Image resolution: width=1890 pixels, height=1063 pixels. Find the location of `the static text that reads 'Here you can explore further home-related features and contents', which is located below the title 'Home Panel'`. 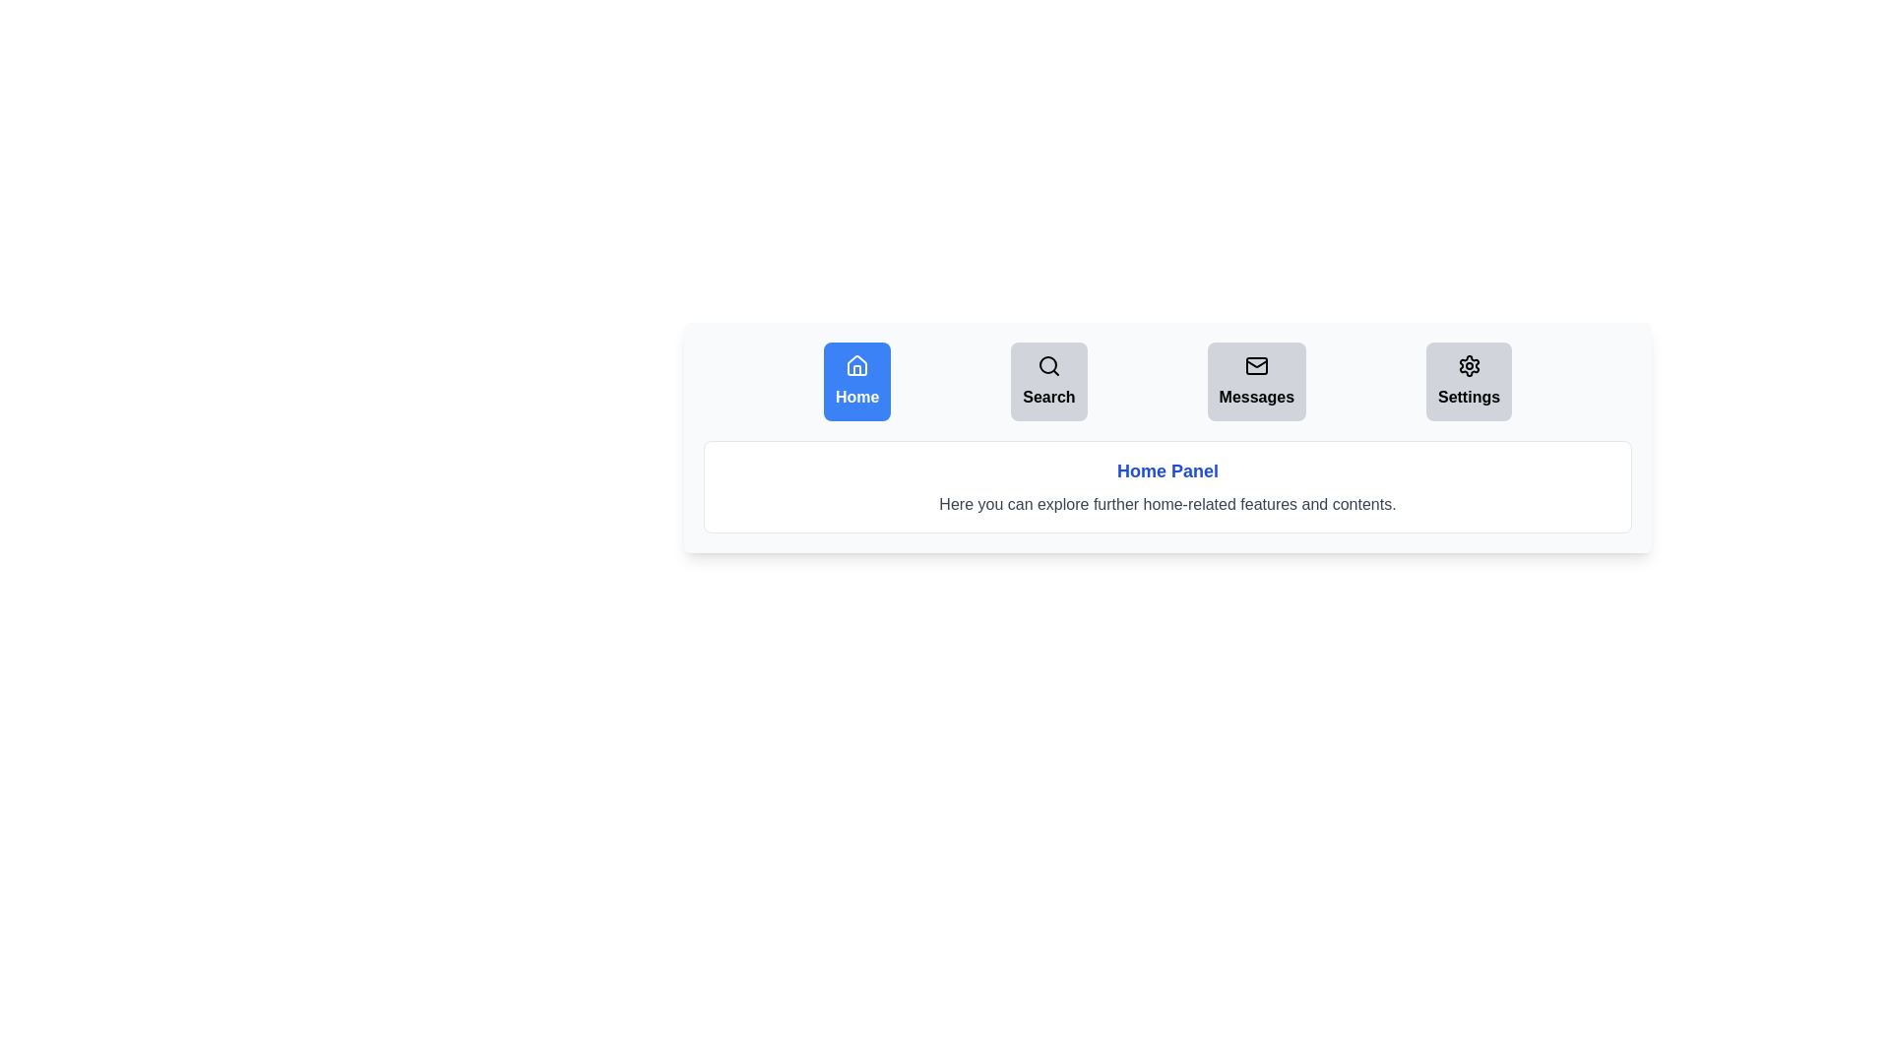

the static text that reads 'Here you can explore further home-related features and contents', which is located below the title 'Home Panel' is located at coordinates (1167, 504).